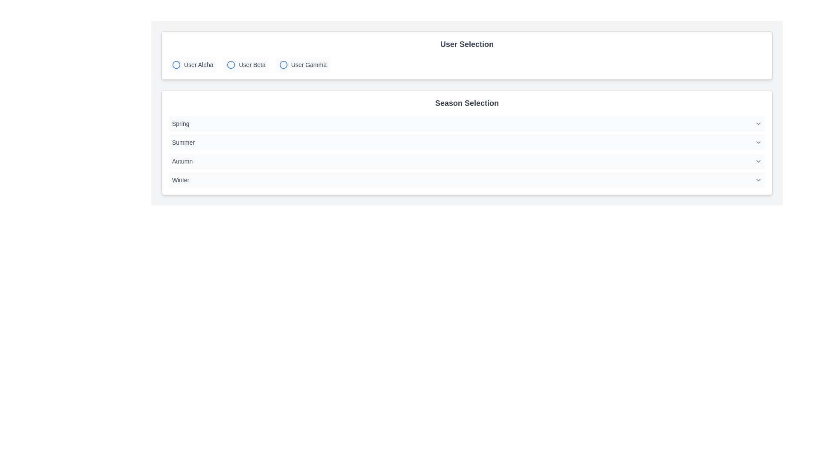 Image resolution: width=820 pixels, height=461 pixels. Describe the element at coordinates (758, 142) in the screenshot. I see `the Dropdown indicator (Chevron) next to the 'Summer' option` at that location.